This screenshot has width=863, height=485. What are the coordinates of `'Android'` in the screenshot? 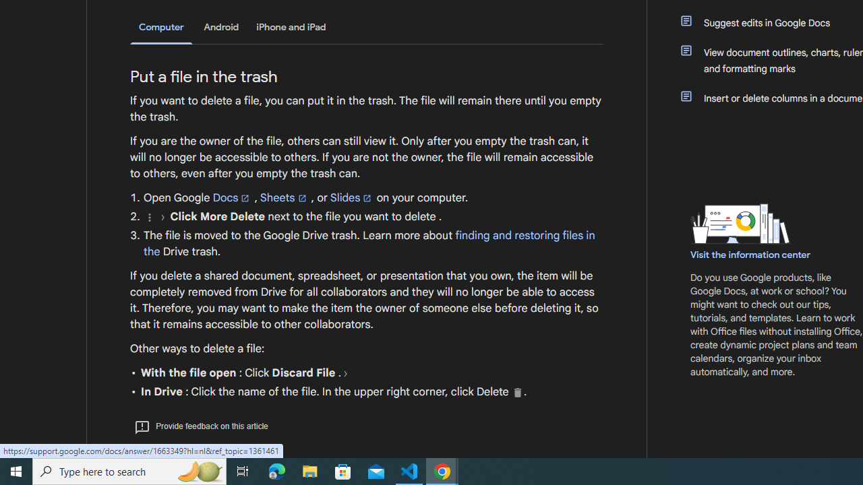 It's located at (221, 27).